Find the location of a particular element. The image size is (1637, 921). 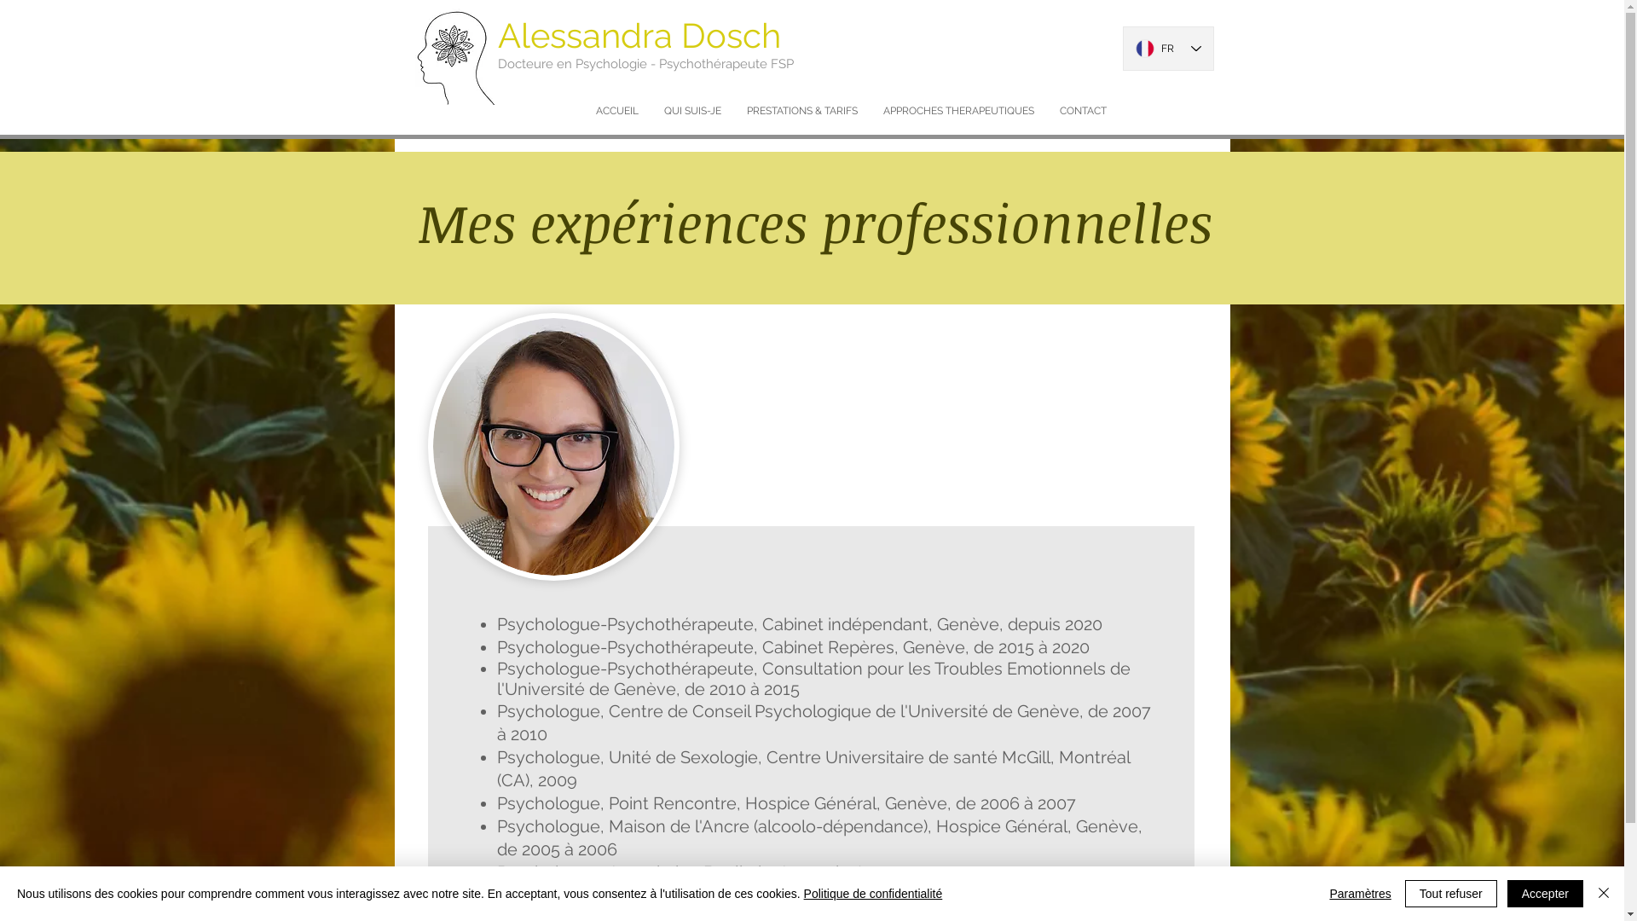

'APPROCHES THERAPEUTIQUES' is located at coordinates (957, 111).